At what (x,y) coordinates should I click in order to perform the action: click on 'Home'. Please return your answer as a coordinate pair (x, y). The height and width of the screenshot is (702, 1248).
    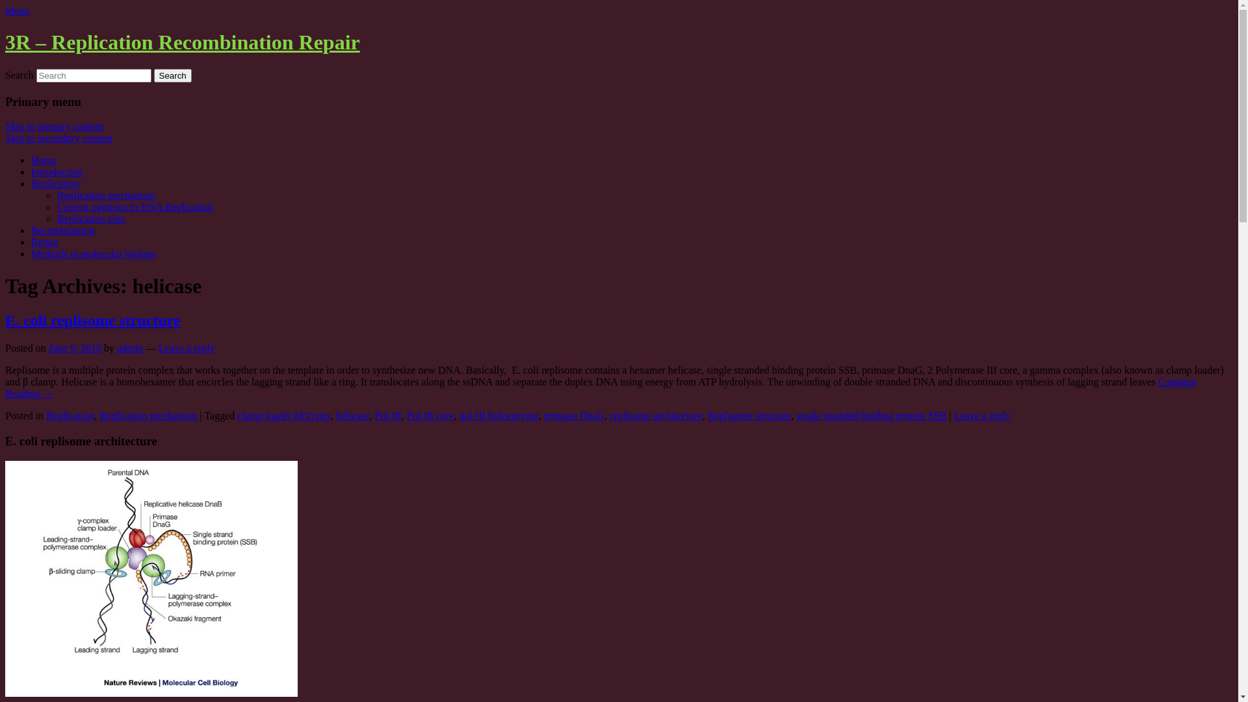
    Looking at the image, I should click on (44, 159).